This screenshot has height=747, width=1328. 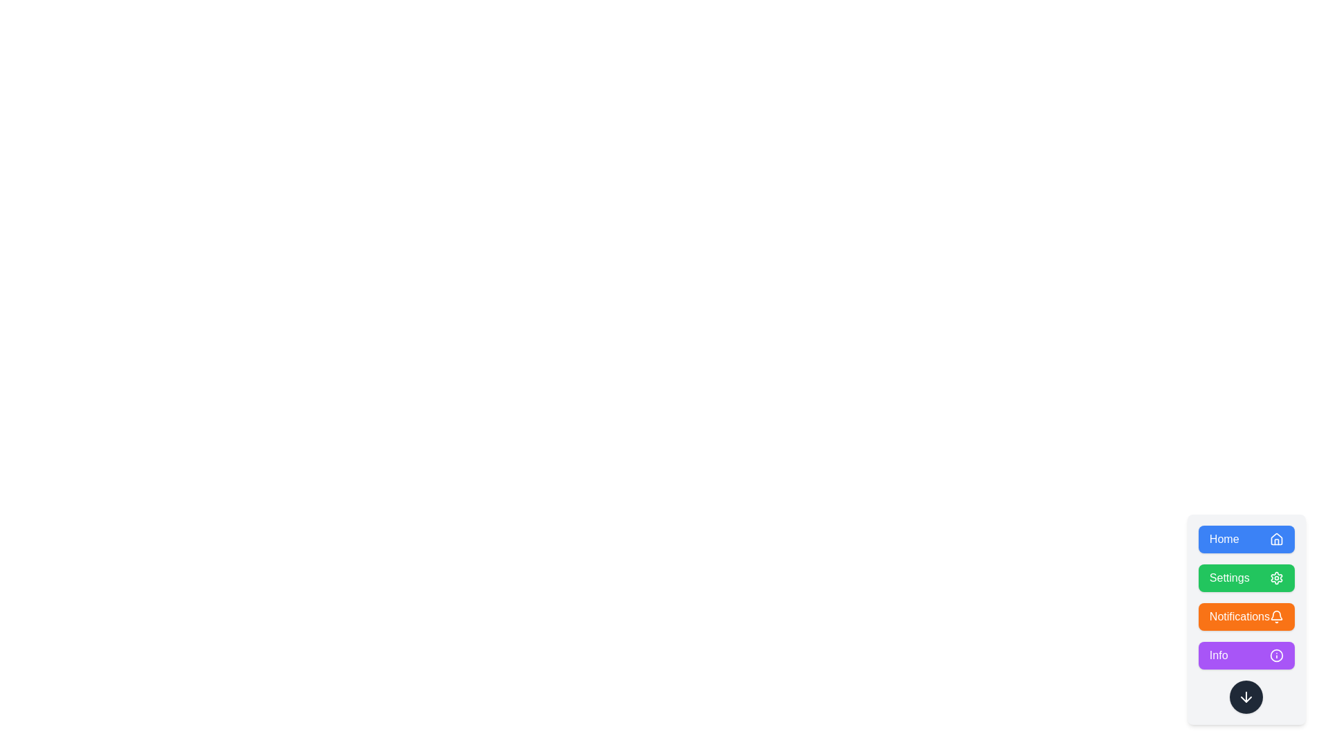 What do you see at coordinates (1246, 697) in the screenshot?
I see `arrow button to toggle the speed dial open/close state` at bounding box center [1246, 697].